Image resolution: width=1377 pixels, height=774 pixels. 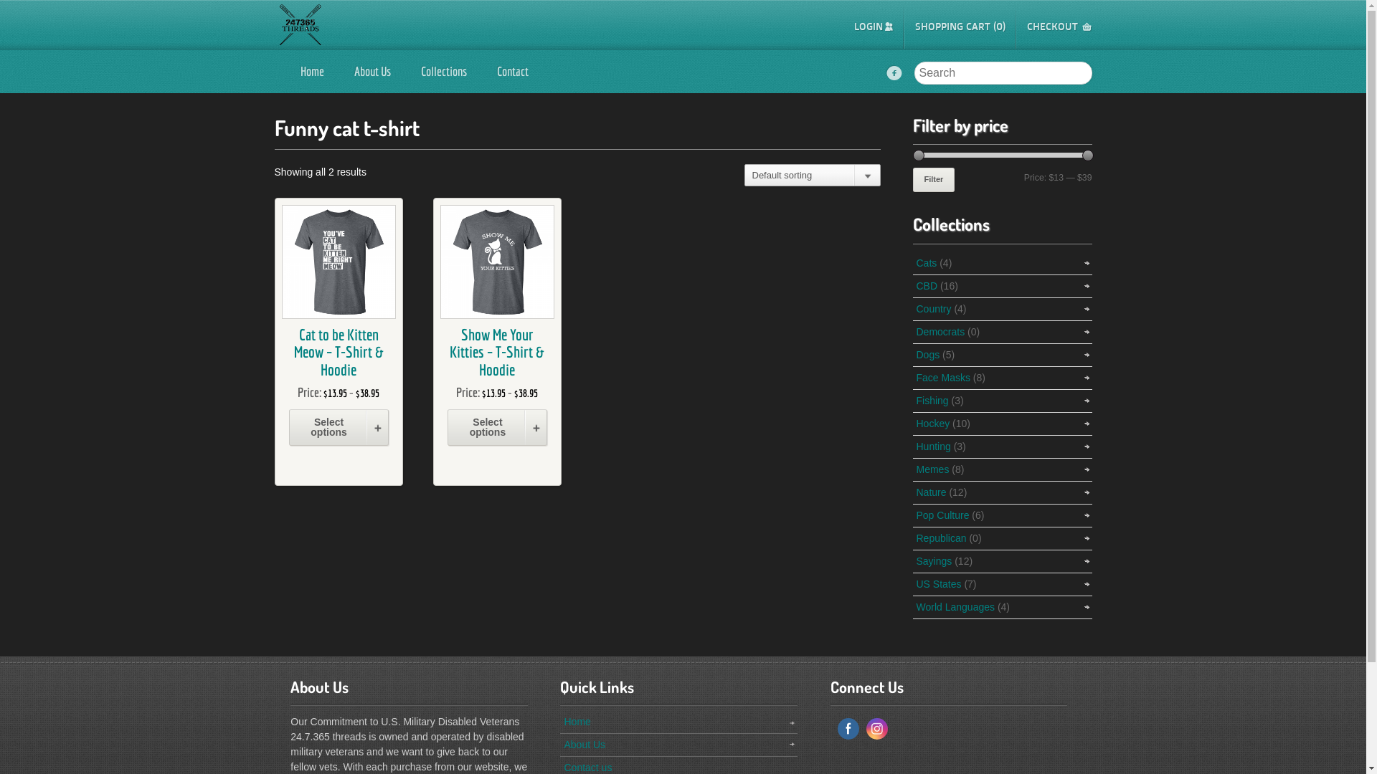 I want to click on 'World Languages', so click(x=955, y=607).